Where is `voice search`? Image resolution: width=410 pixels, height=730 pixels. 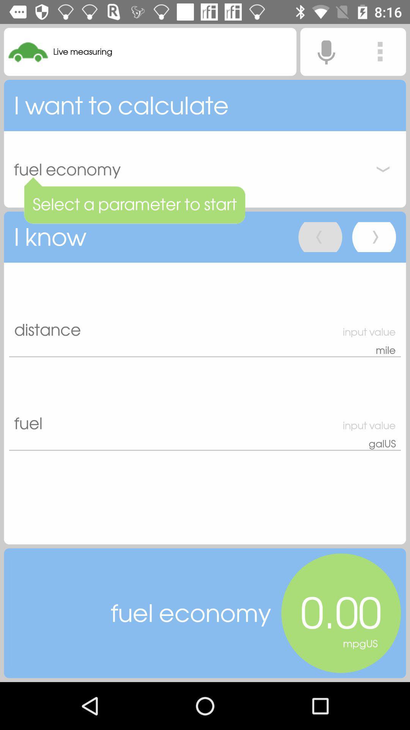 voice search is located at coordinates (326, 51).